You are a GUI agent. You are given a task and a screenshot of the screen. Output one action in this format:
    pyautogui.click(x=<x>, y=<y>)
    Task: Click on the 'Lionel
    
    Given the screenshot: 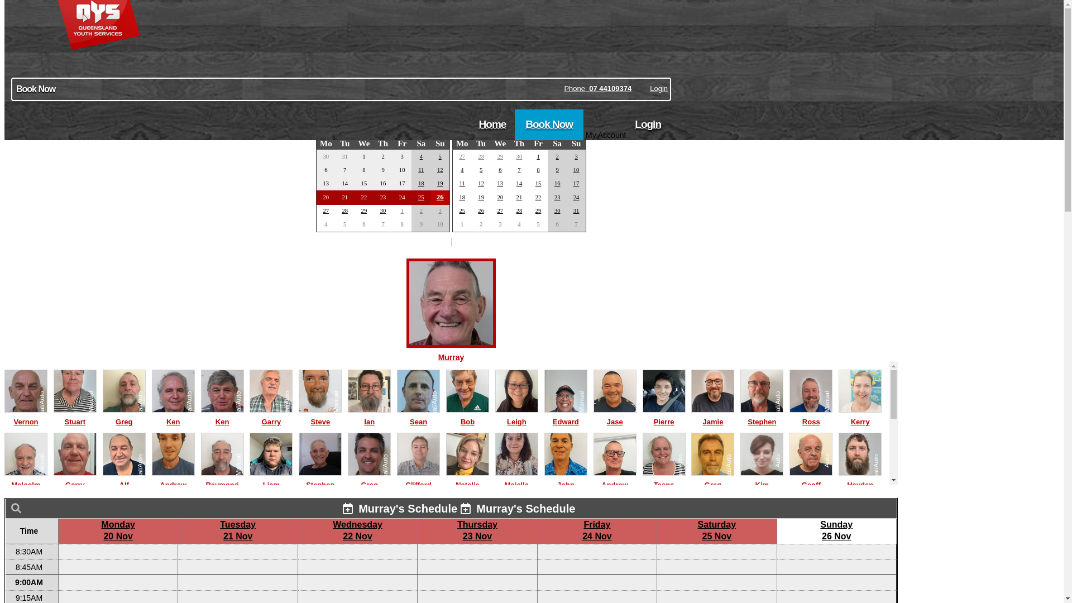 What is the action you would take?
    pyautogui.click(x=712, y=542)
    